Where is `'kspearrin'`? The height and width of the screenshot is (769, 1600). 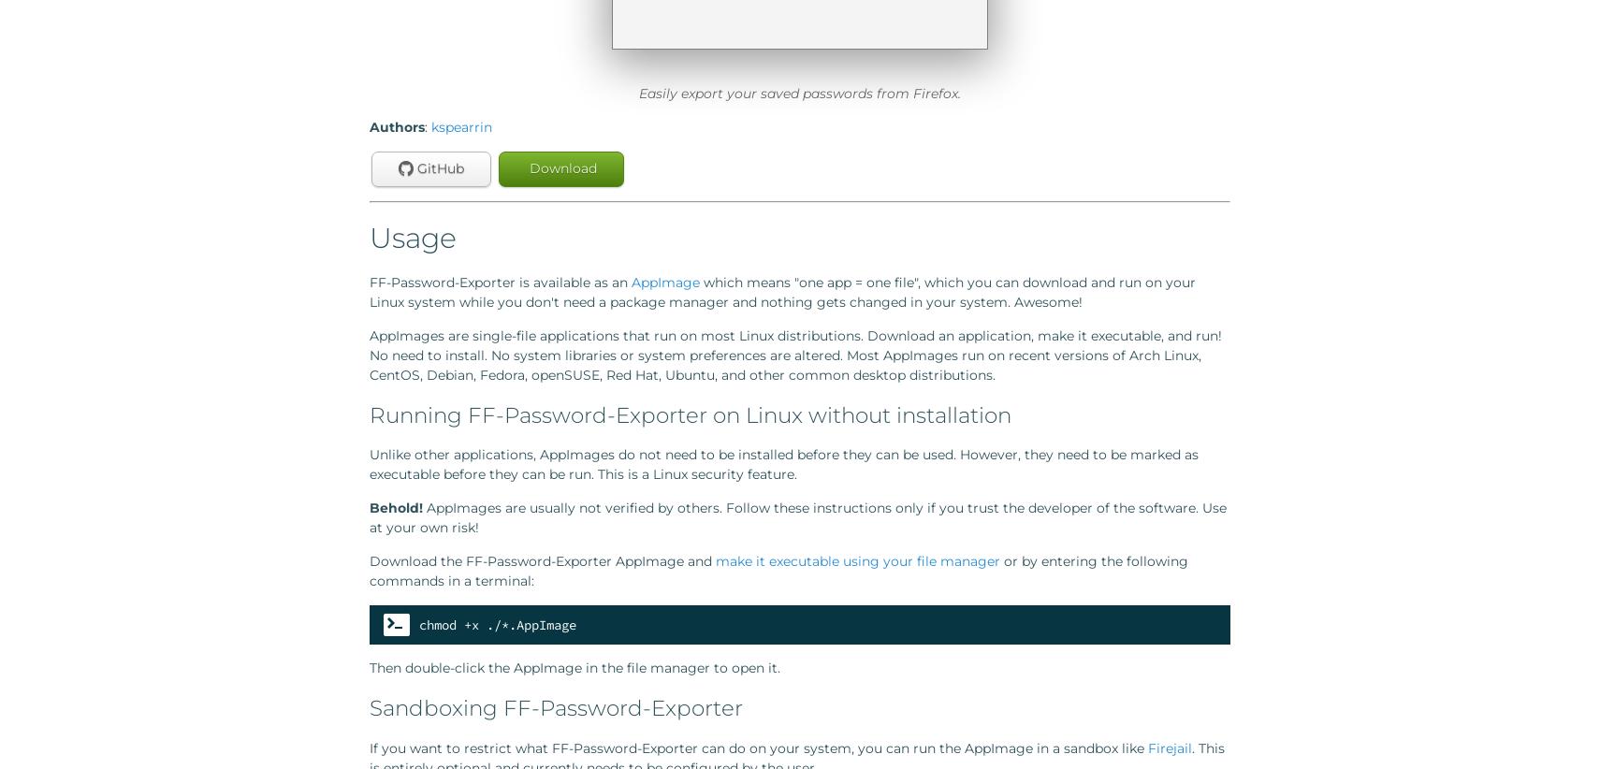 'kspearrin' is located at coordinates (461, 127).